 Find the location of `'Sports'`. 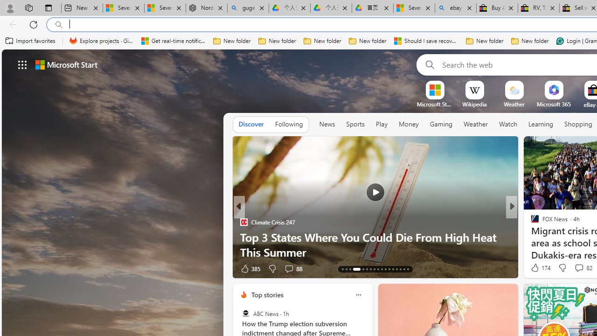

'Sports' is located at coordinates (354, 124).